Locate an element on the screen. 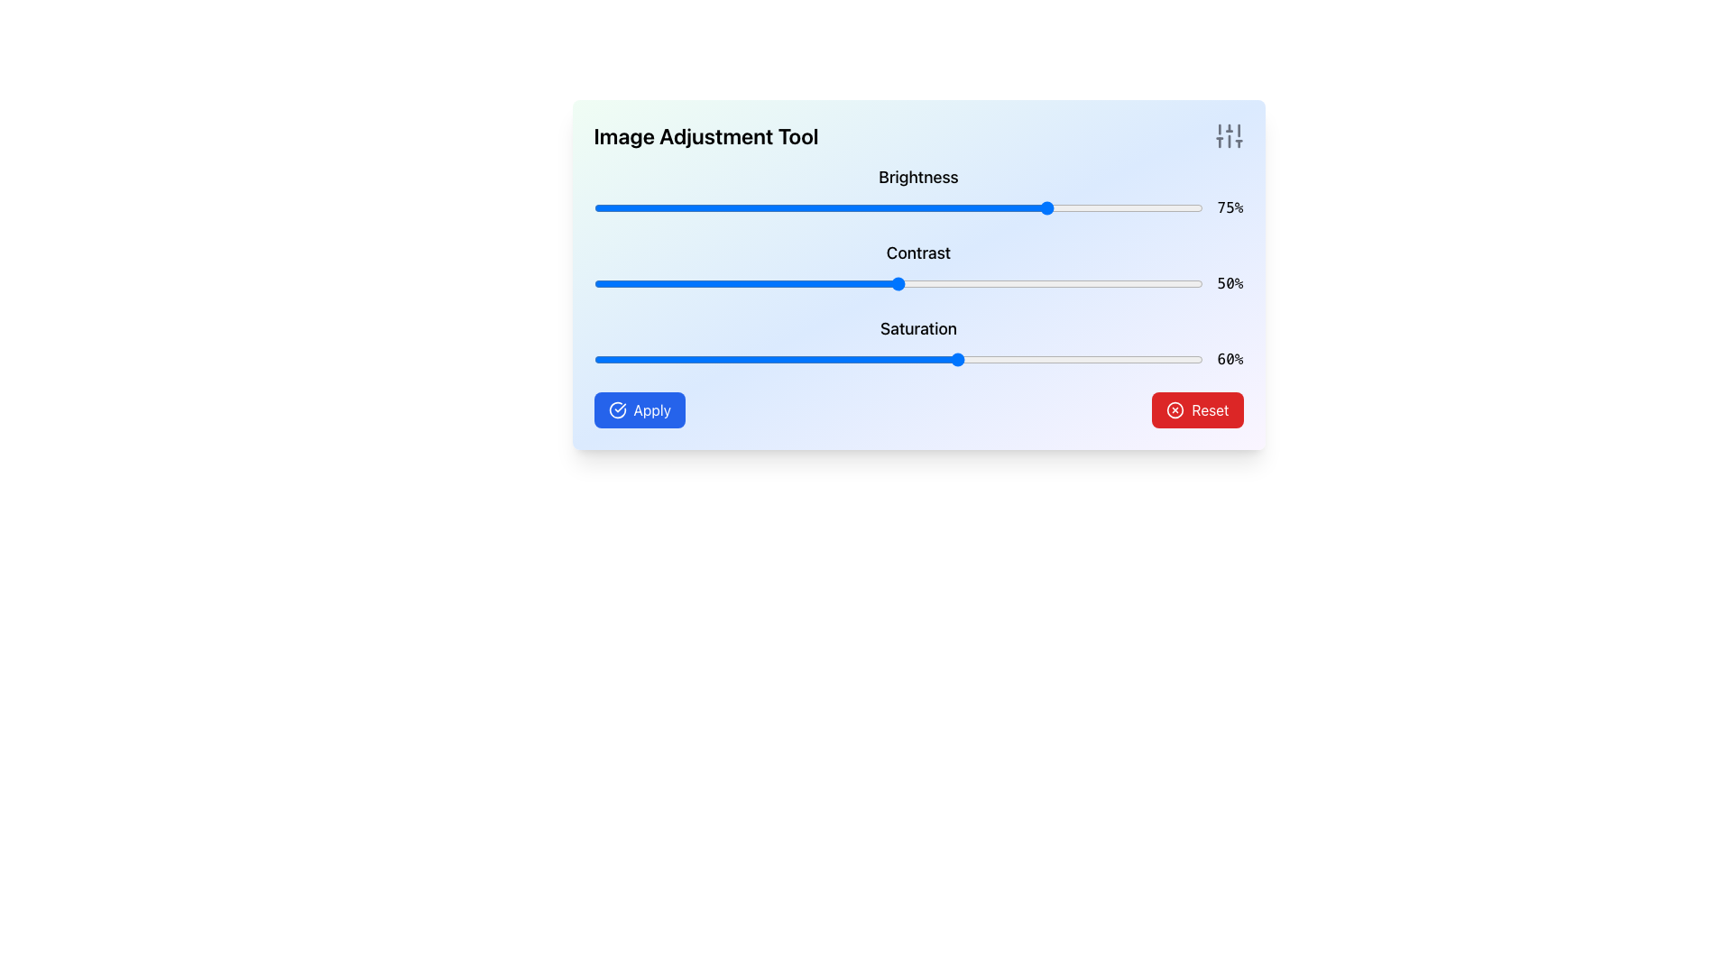 The height and width of the screenshot is (974, 1732). brightness is located at coordinates (714, 207).